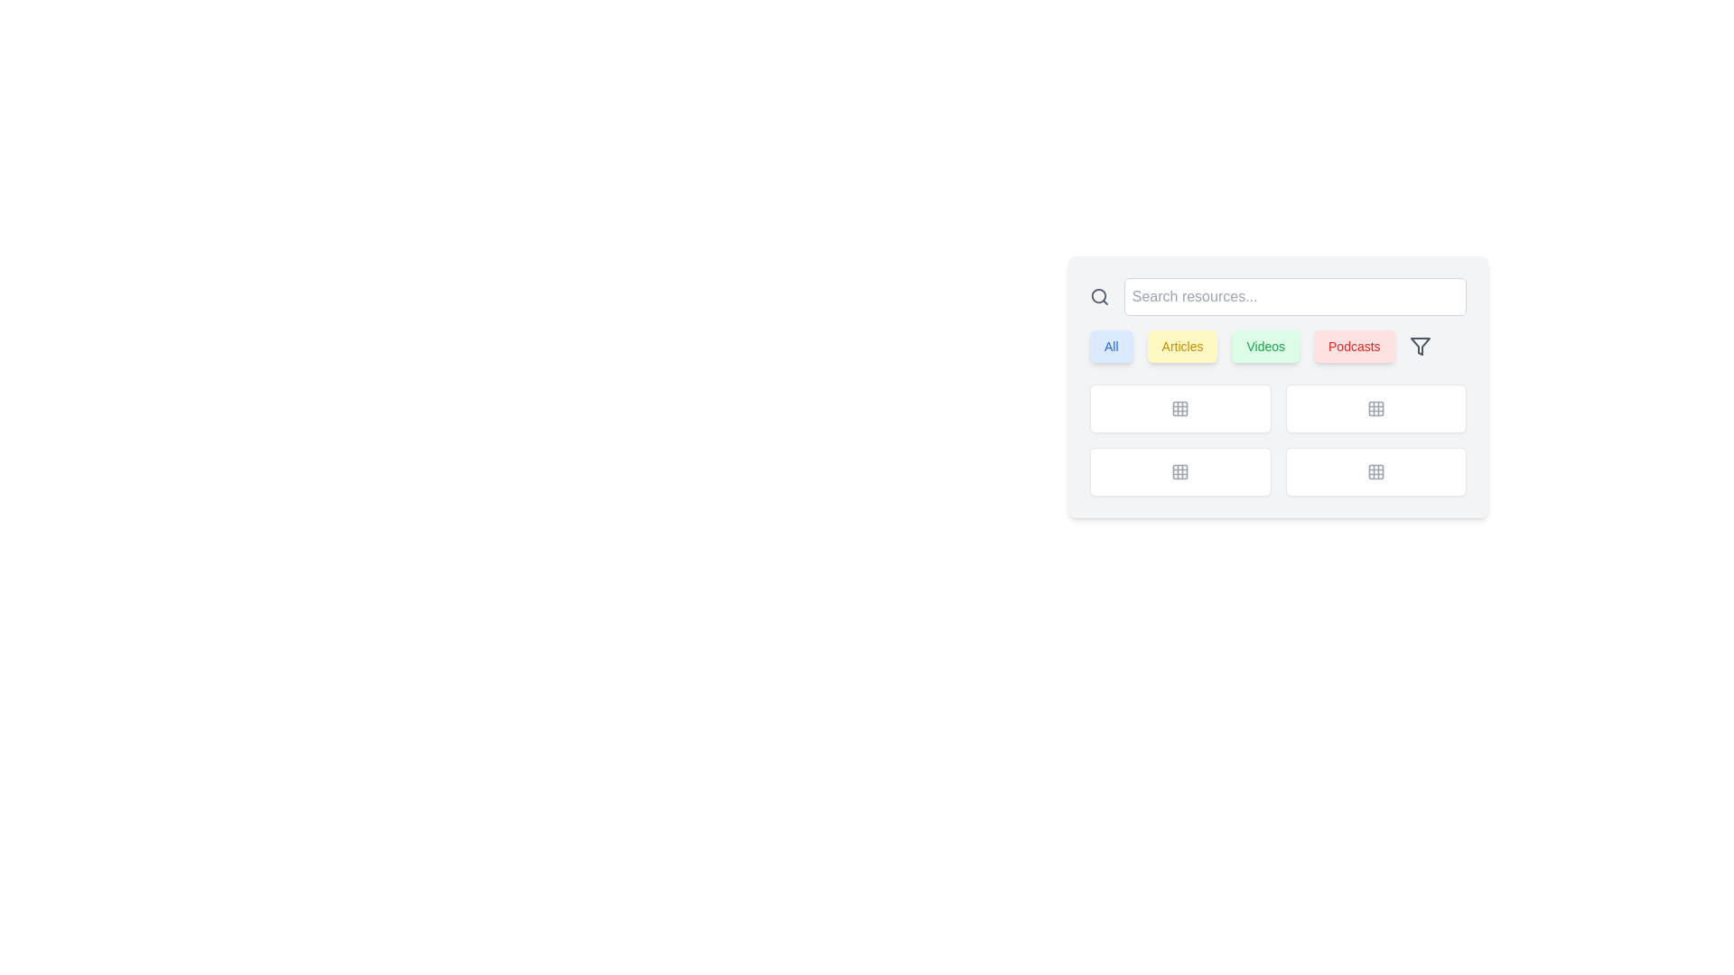 Image resolution: width=1734 pixels, height=975 pixels. Describe the element at coordinates (1277, 347) in the screenshot. I see `the 'Videos' button, which is a rectangular button with a green background and text in darker green, located between the 'Articles' and 'Podcasts' buttons` at that location.